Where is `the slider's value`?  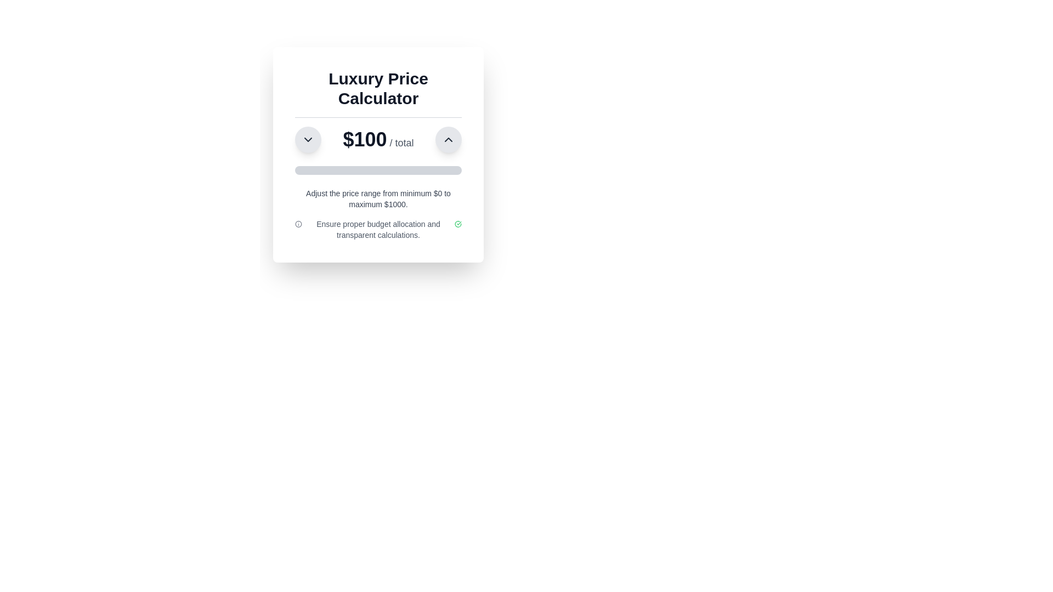
the slider's value is located at coordinates (303, 170).